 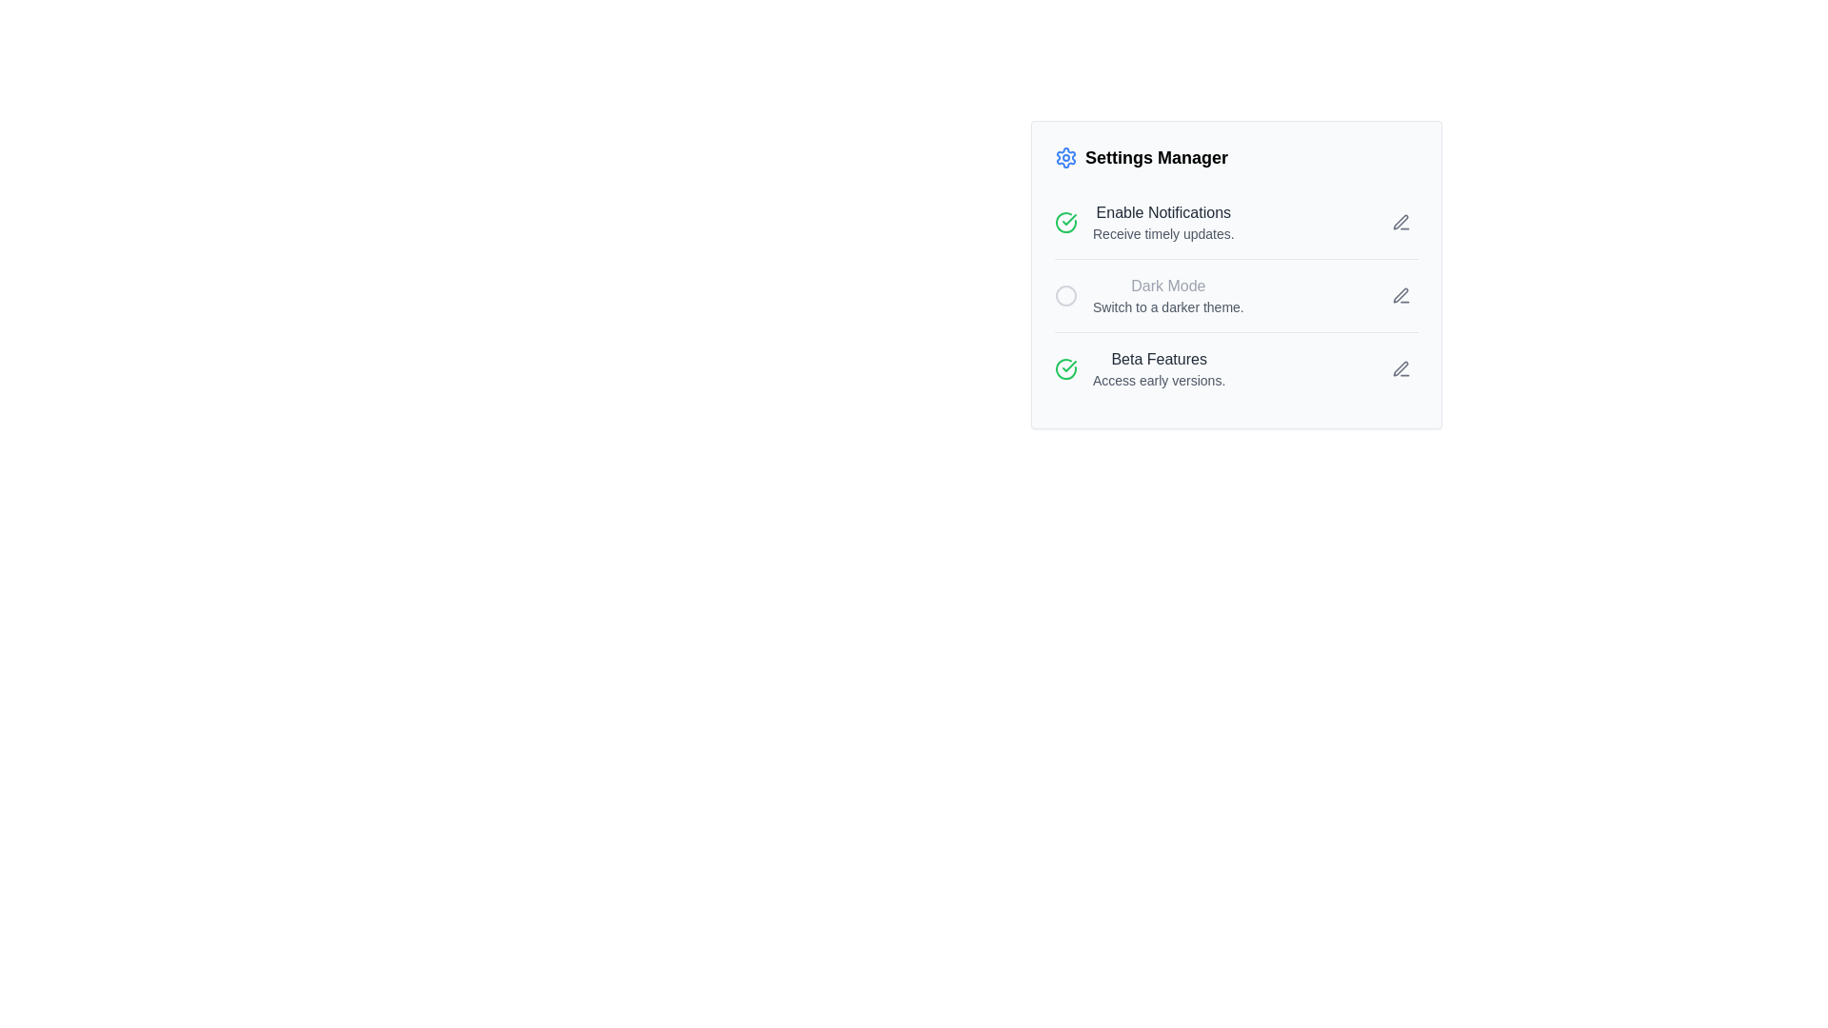 I want to click on the pen-shaped icon button in the 'Beta Features' section for accessibility interactions, so click(x=1401, y=369).